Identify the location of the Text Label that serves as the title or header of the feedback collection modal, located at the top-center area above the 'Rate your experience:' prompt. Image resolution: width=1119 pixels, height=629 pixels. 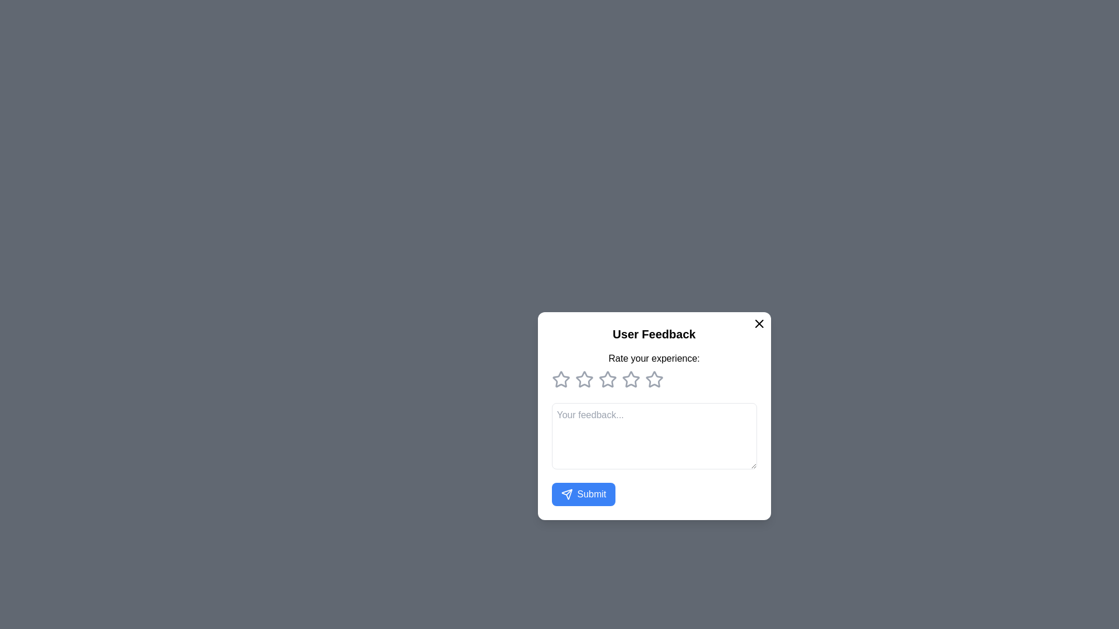
(654, 334).